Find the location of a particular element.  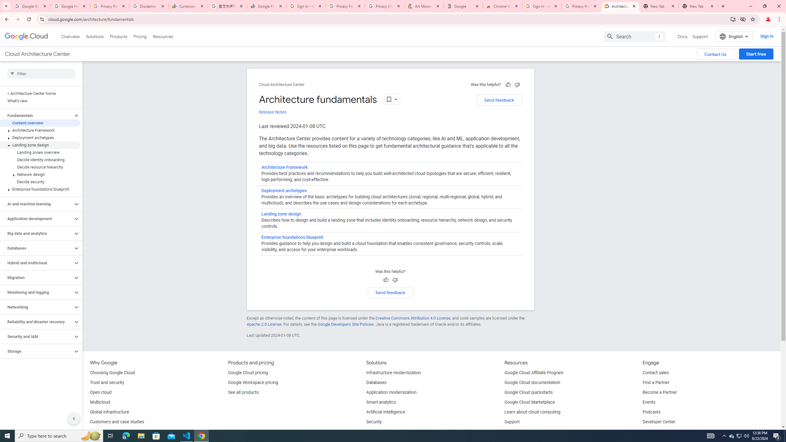

'Decide security' is located at coordinates (40, 181).